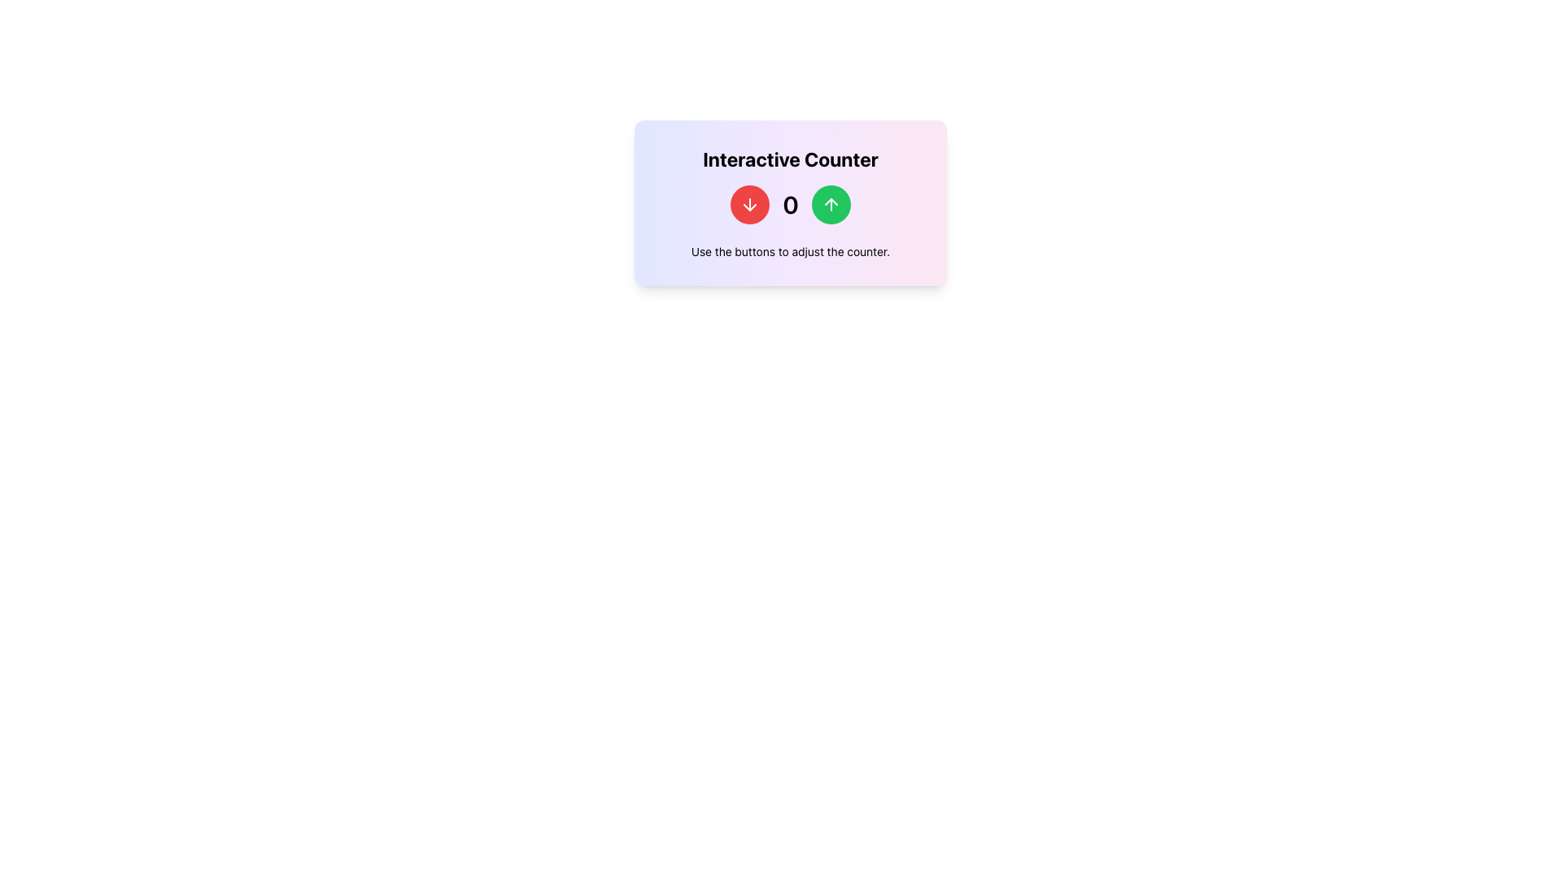  I want to click on the static text label that reads 'Use the buttons to adjust the counter.', which is positioned at the bottom of a card layout, so click(790, 251).